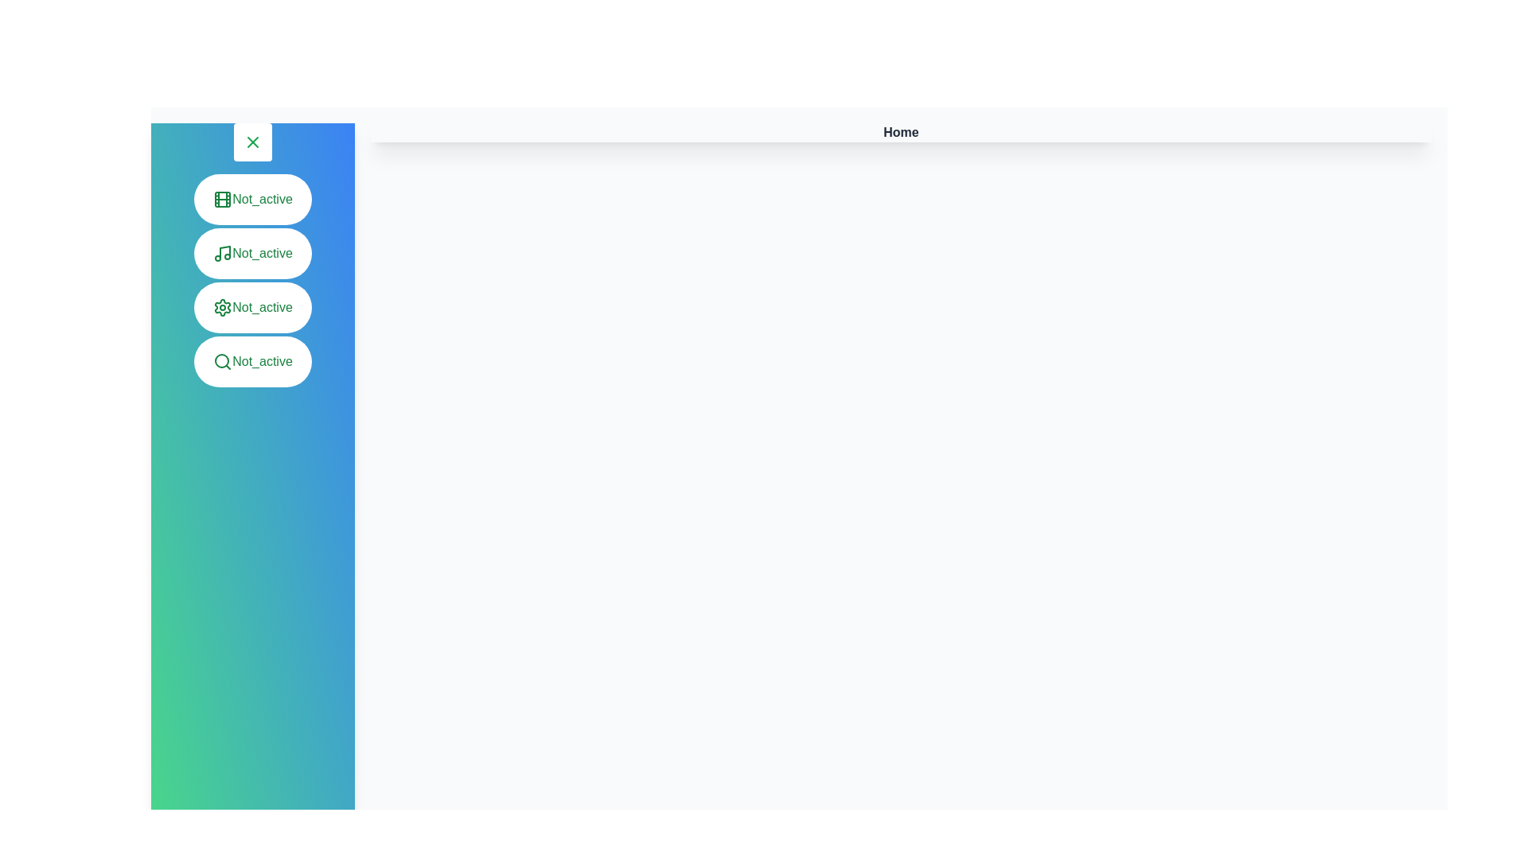  What do you see at coordinates (251, 141) in the screenshot?
I see `the toggle button in the top-left corner of the drawer to change its open/close state` at bounding box center [251, 141].